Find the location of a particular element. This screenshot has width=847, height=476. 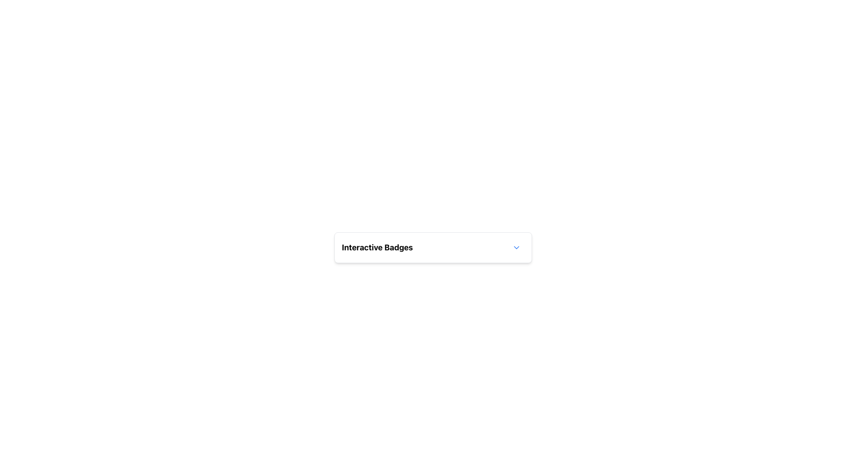

the dropdown icon located at the right end of the 'Interactive Badges' button is located at coordinates (517, 248).